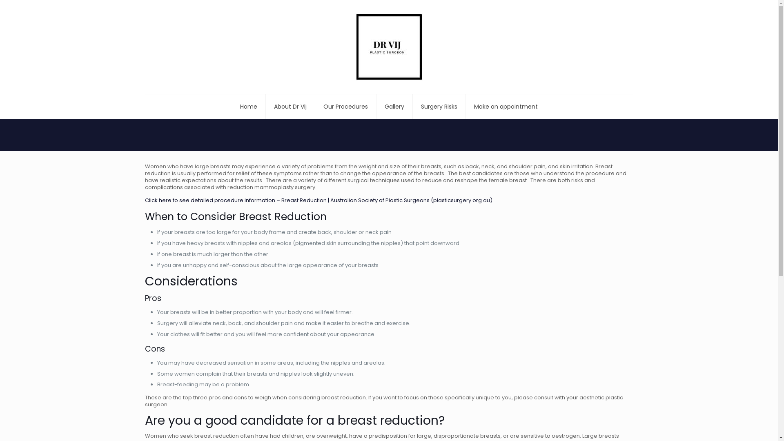  I want to click on 'Dr Vij Plastic Surgeon Perth', so click(388, 47).